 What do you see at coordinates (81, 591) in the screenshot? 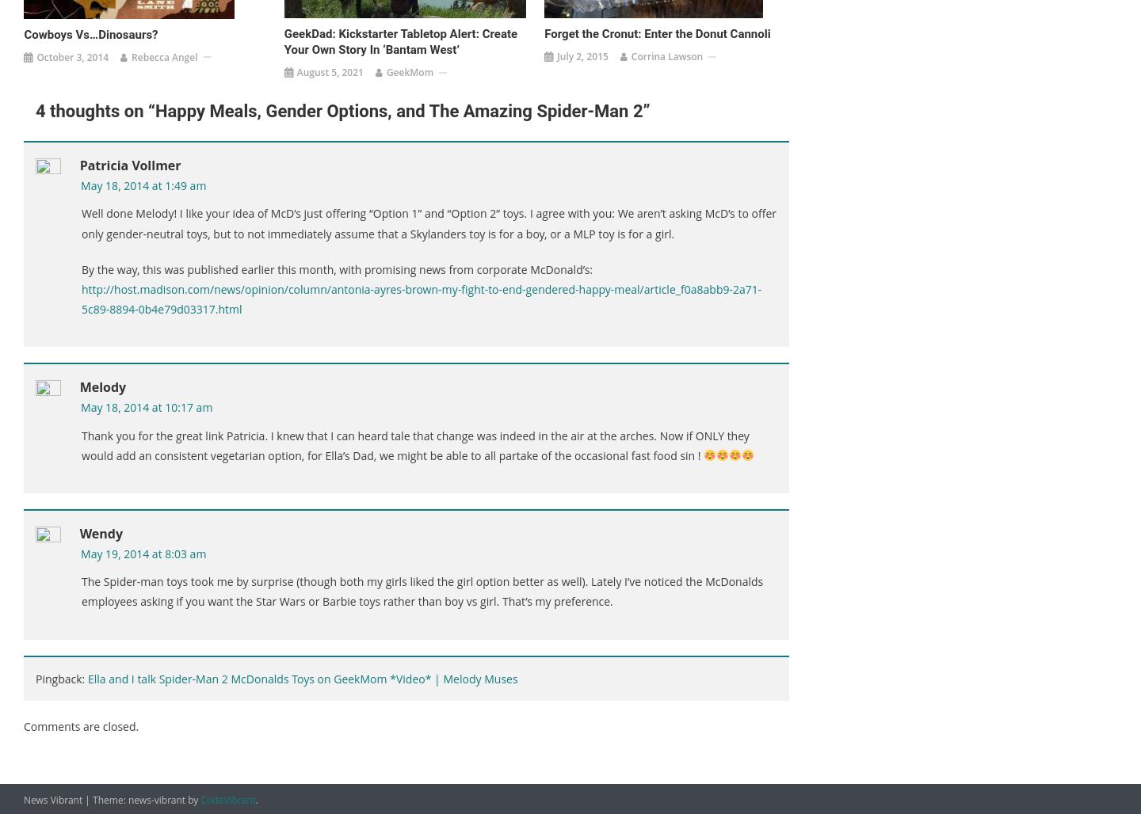
I see `'The Spider-man toys took me by surprise (though both my girls liked the girl option better as well).  Lately I’ve noticed the McDonalds employees asking if you want the Star Wars or Barbie toys rather than boy vs girl. That’s my preference.'` at bounding box center [81, 591].